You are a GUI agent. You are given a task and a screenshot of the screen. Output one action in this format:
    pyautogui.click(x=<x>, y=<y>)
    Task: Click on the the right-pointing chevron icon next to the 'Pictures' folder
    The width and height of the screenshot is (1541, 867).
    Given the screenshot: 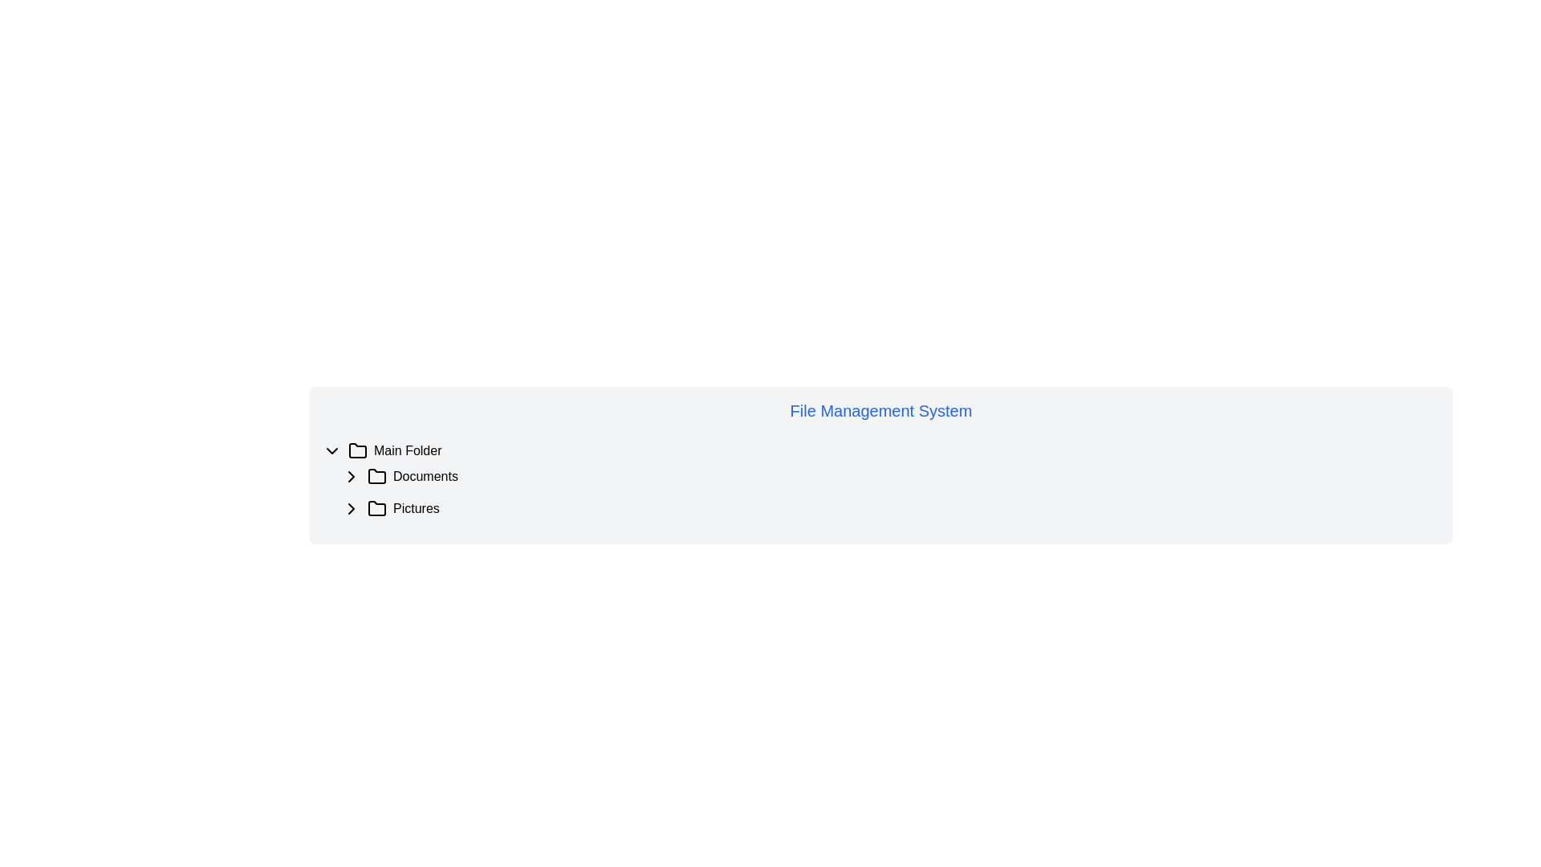 What is the action you would take?
    pyautogui.click(x=350, y=508)
    